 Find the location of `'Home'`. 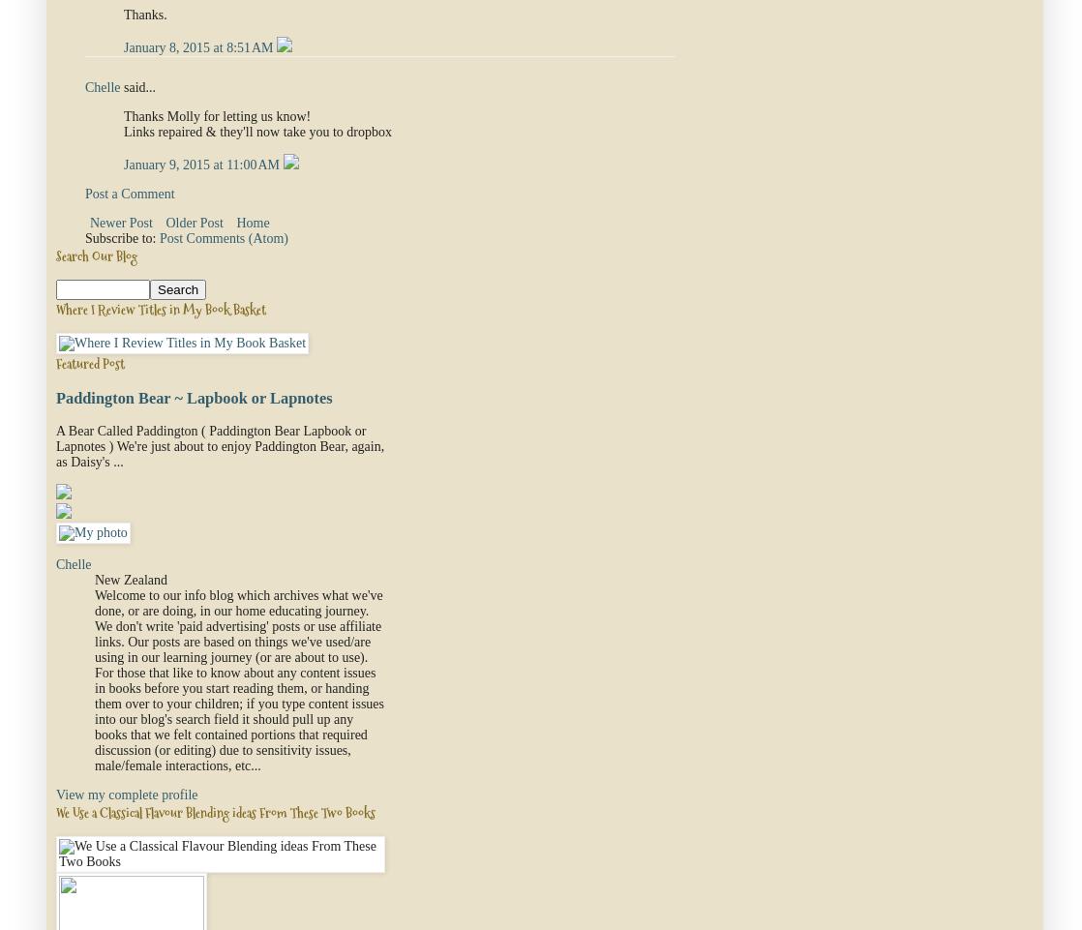

'Home' is located at coordinates (253, 221).